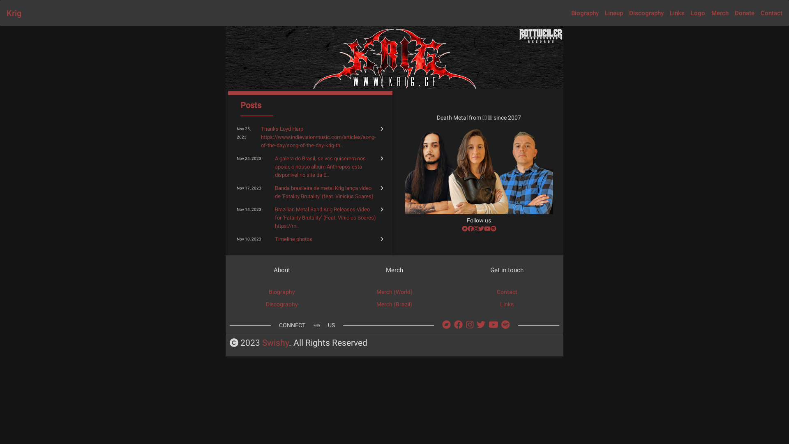 The width and height of the screenshot is (789, 444). What do you see at coordinates (487, 228) in the screenshot?
I see `'Youtube'` at bounding box center [487, 228].